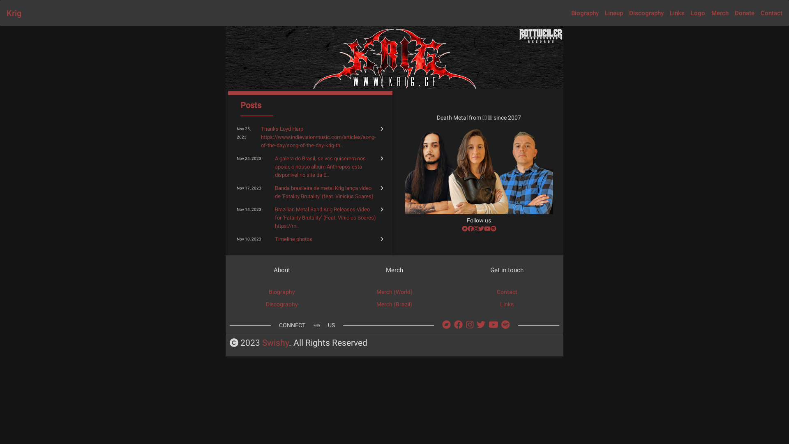 The width and height of the screenshot is (789, 444). What do you see at coordinates (487, 228) in the screenshot?
I see `'Youtube'` at bounding box center [487, 228].